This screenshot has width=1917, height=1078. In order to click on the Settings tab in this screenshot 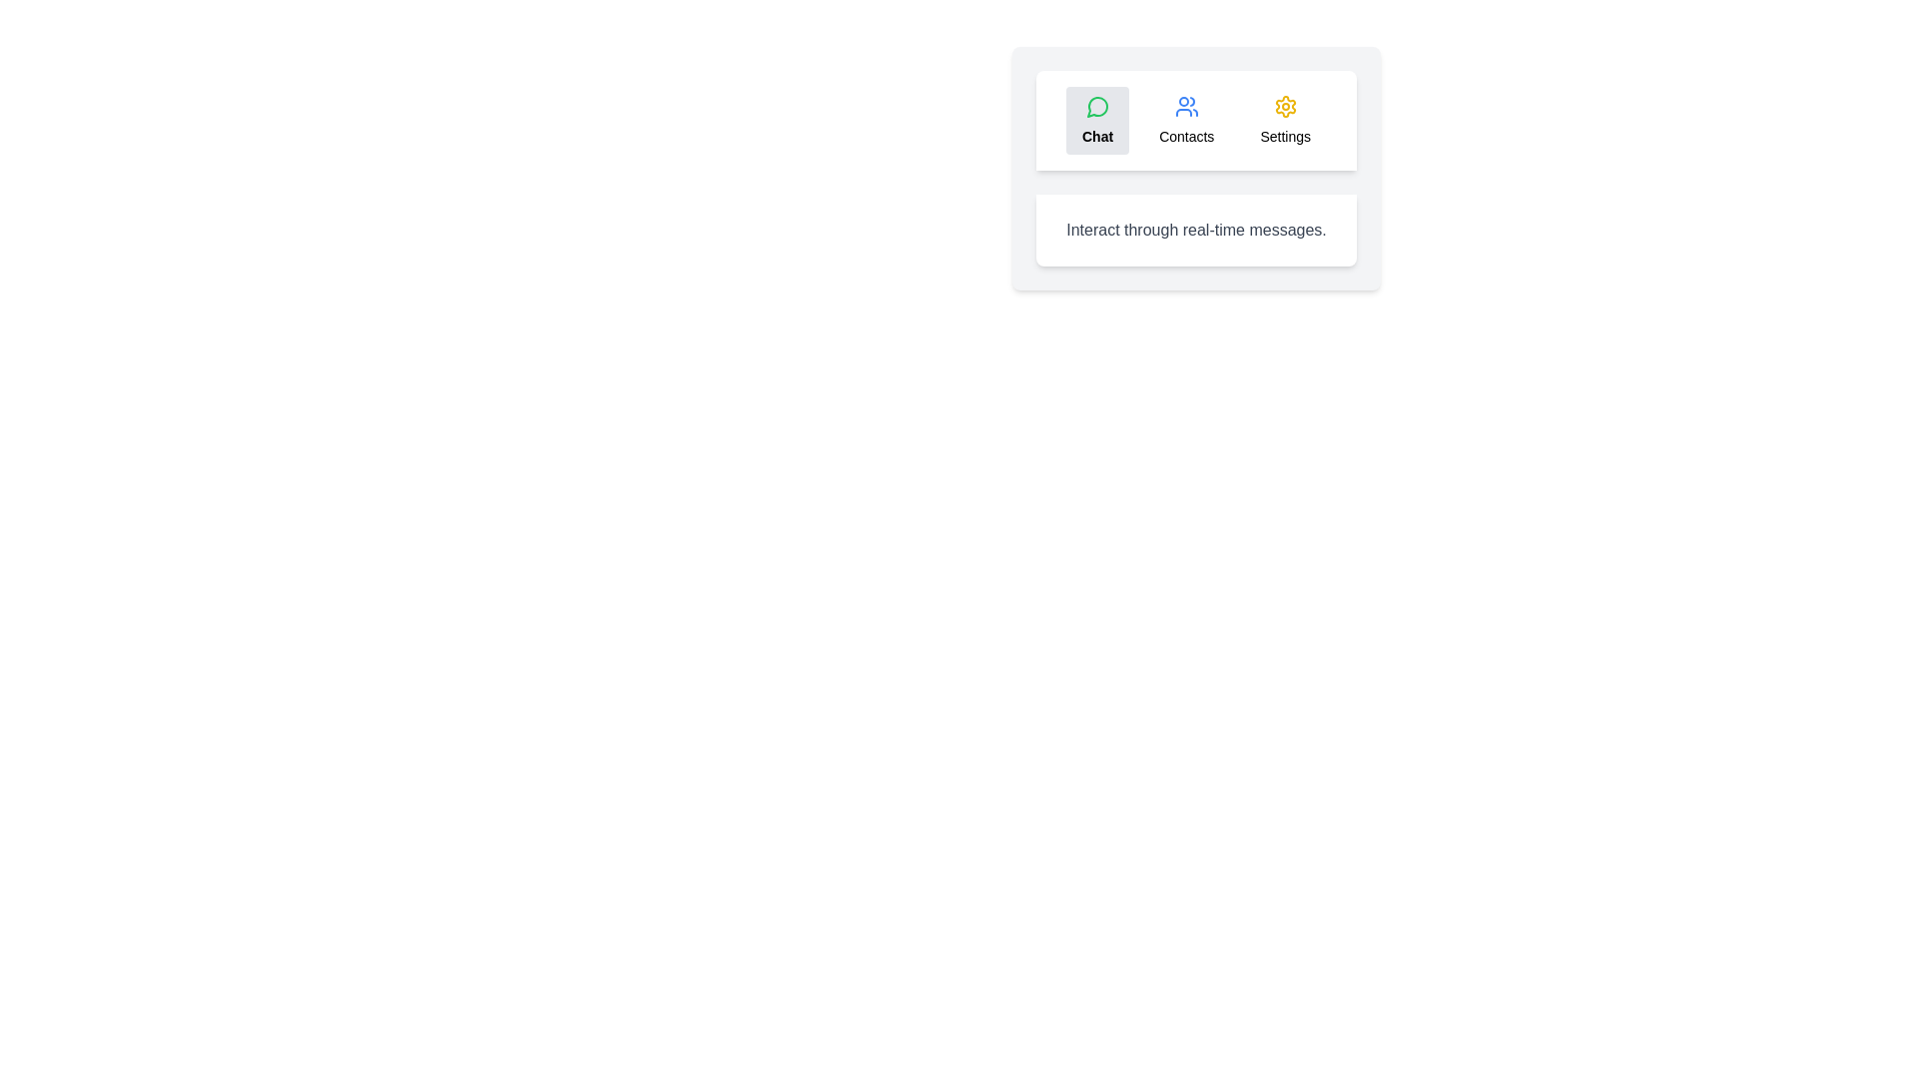, I will do `click(1285, 120)`.